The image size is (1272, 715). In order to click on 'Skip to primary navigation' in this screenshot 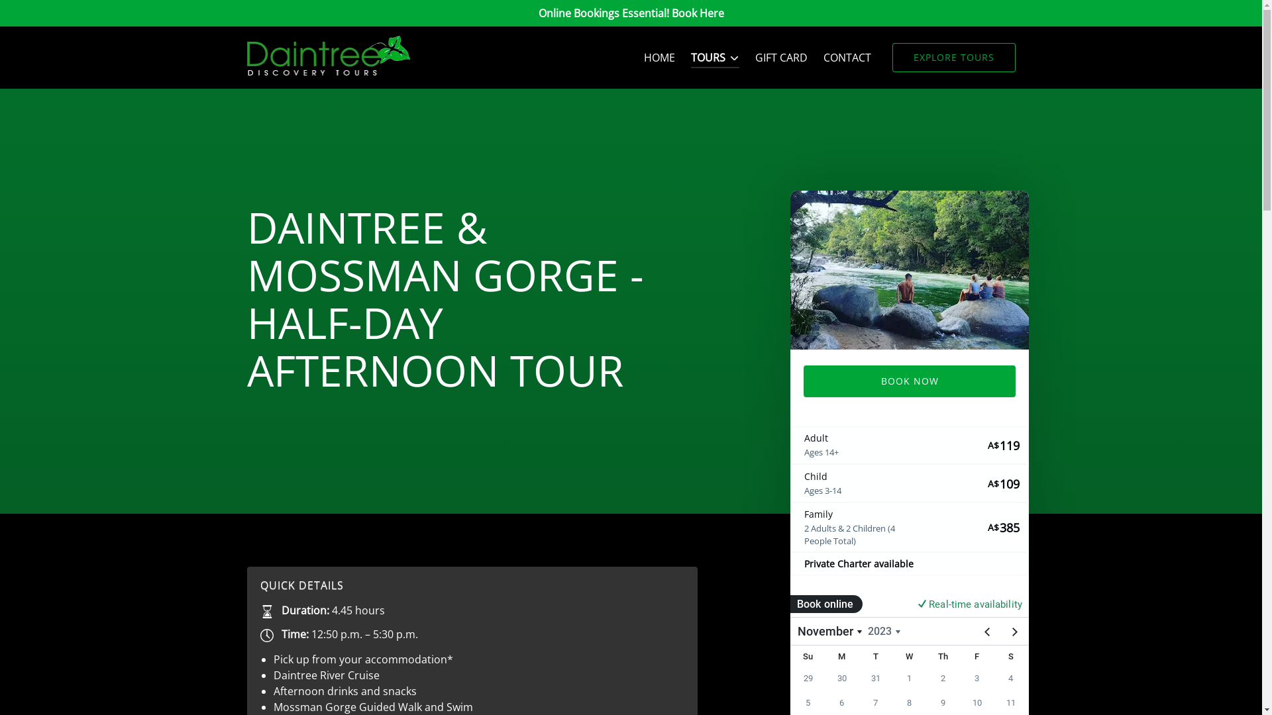, I will do `click(72, 15)`.